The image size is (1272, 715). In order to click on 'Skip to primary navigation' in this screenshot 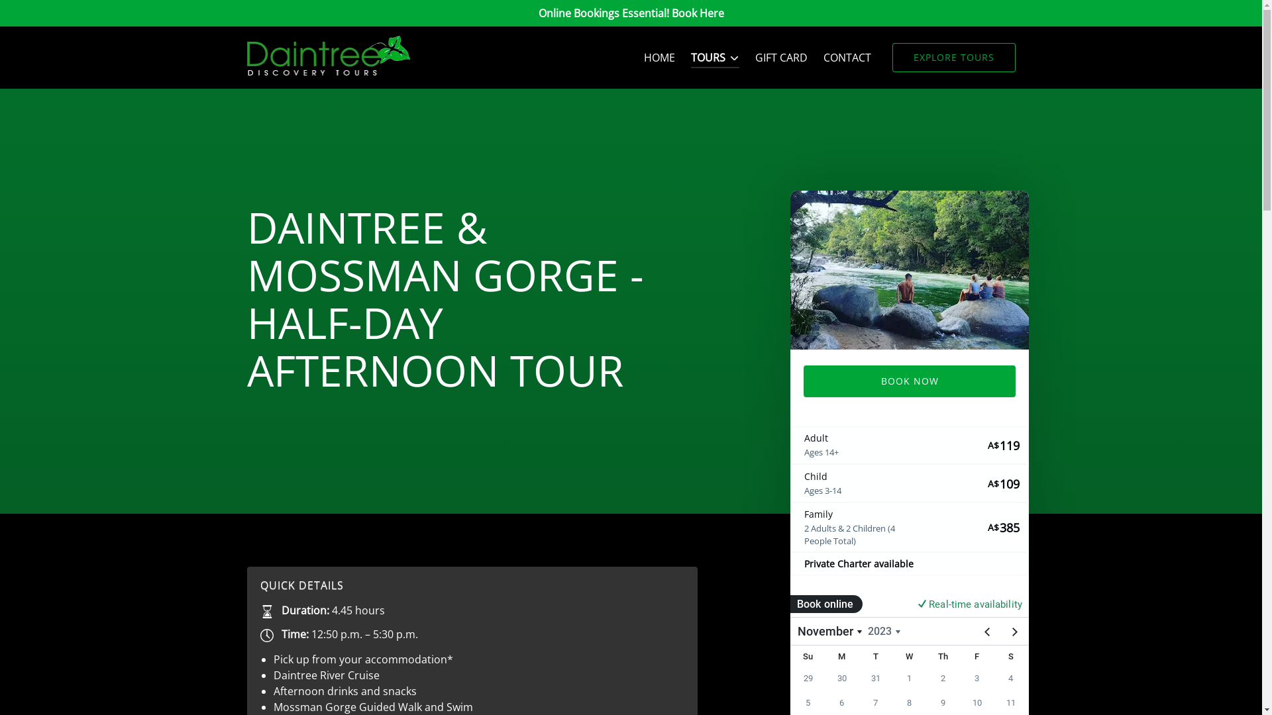, I will do `click(72, 15)`.